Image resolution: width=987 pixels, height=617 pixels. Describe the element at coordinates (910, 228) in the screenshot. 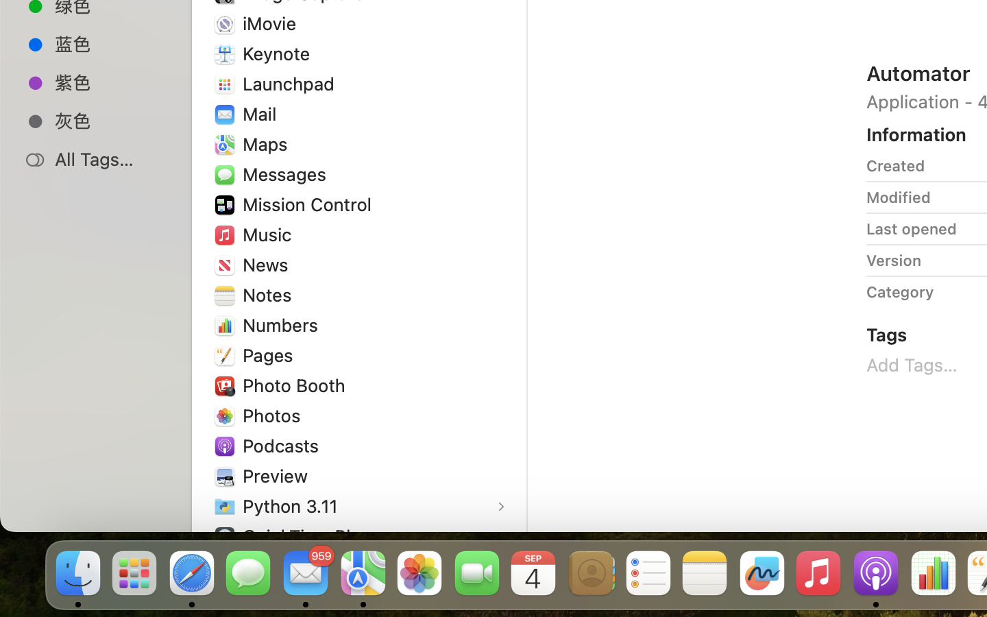

I see `'Last opened'` at that location.